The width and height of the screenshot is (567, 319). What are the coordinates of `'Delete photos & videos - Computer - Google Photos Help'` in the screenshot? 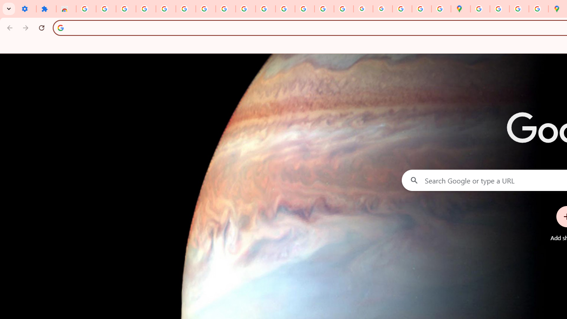 It's located at (125, 9).